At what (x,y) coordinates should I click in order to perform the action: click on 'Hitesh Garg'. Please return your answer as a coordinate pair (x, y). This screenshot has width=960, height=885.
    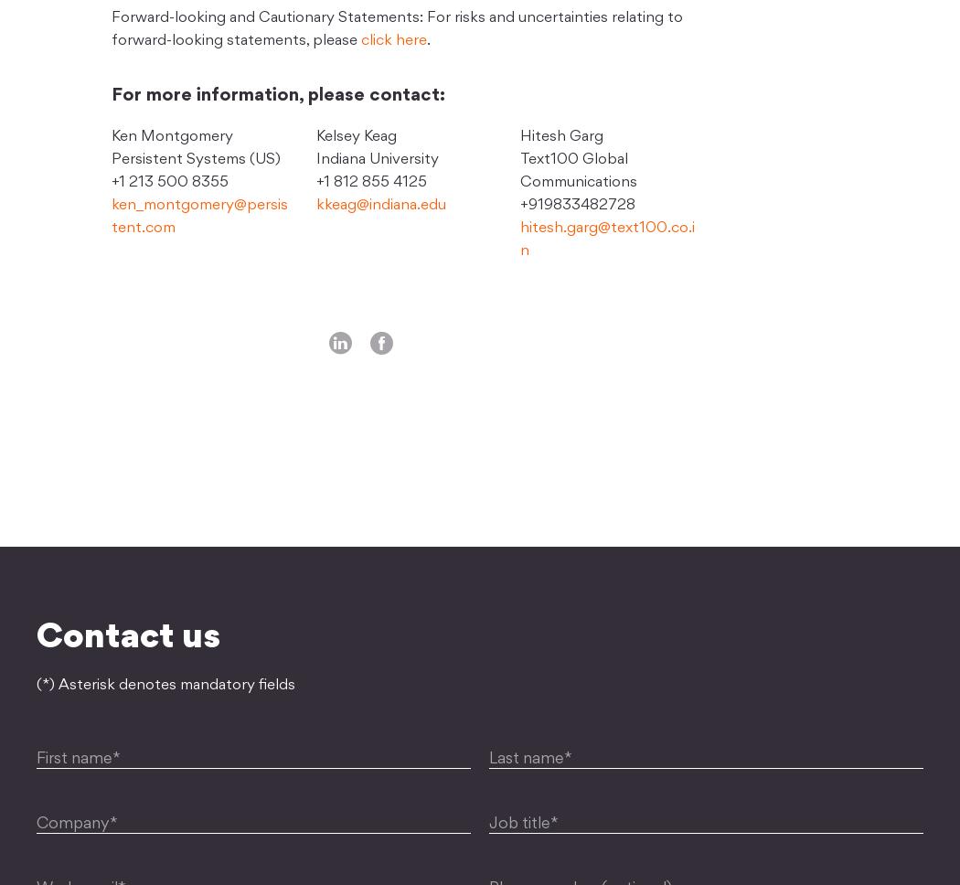
    Looking at the image, I should click on (561, 136).